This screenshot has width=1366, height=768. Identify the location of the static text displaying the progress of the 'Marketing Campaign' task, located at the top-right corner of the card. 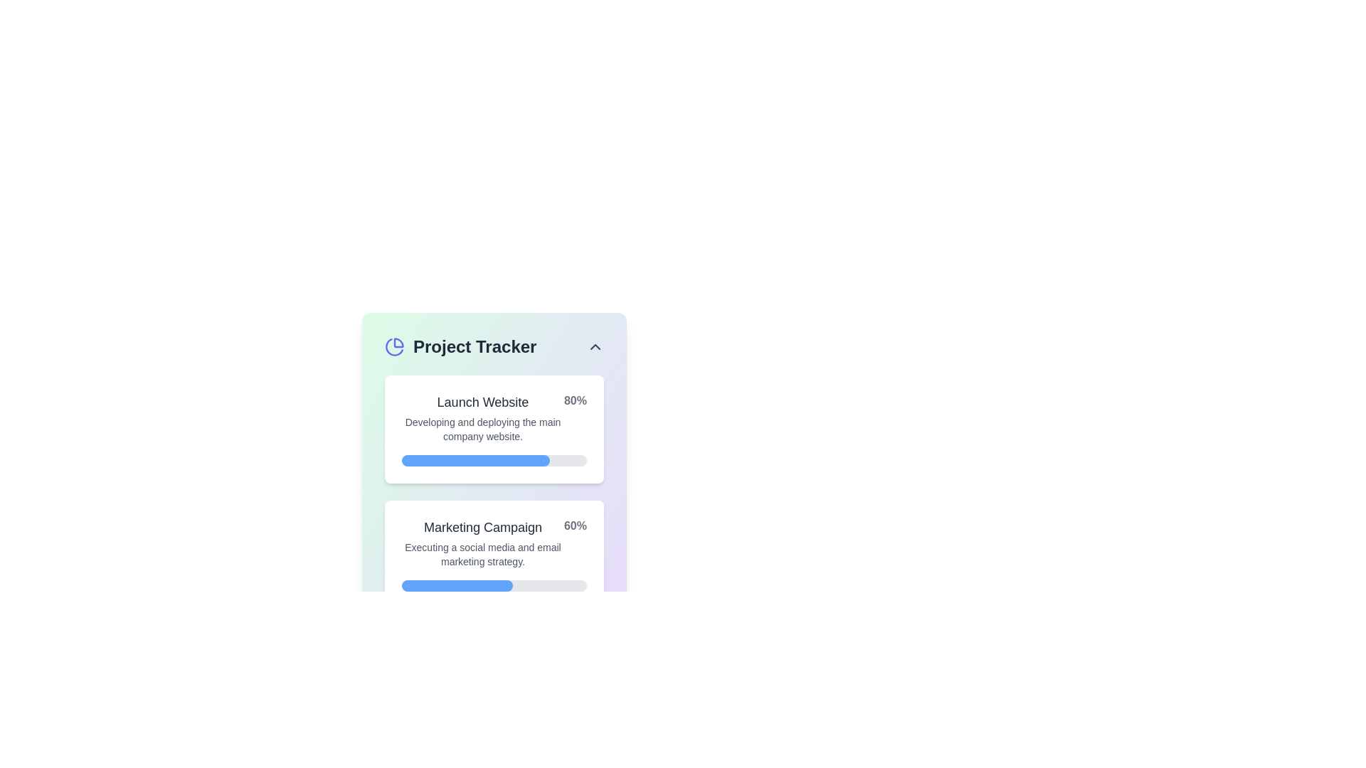
(575, 526).